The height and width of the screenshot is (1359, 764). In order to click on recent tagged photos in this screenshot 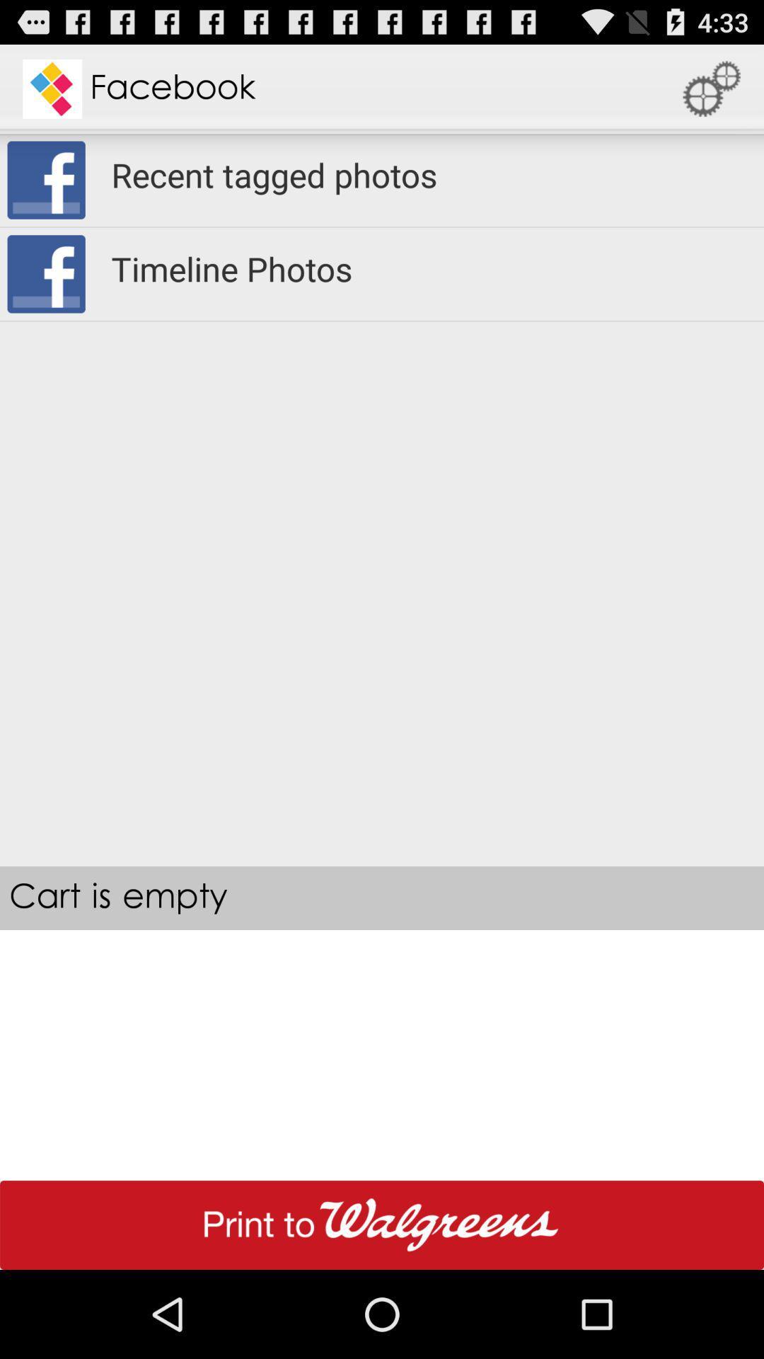, I will do `click(427, 174)`.